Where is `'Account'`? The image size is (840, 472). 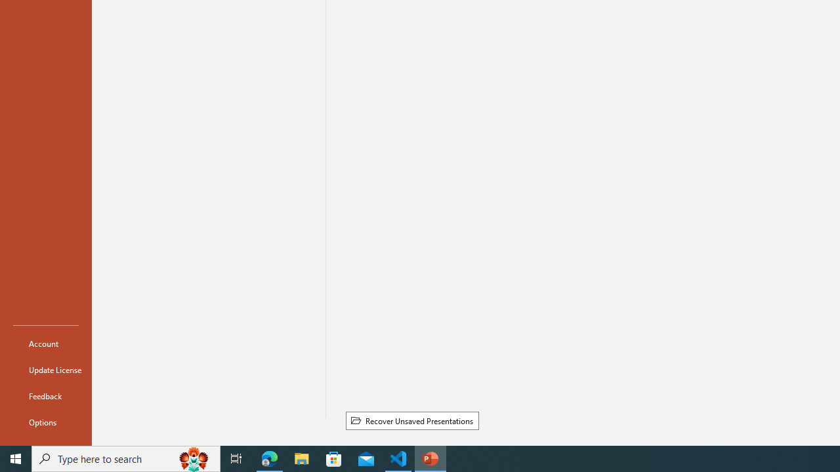
'Account' is located at coordinates (45, 343).